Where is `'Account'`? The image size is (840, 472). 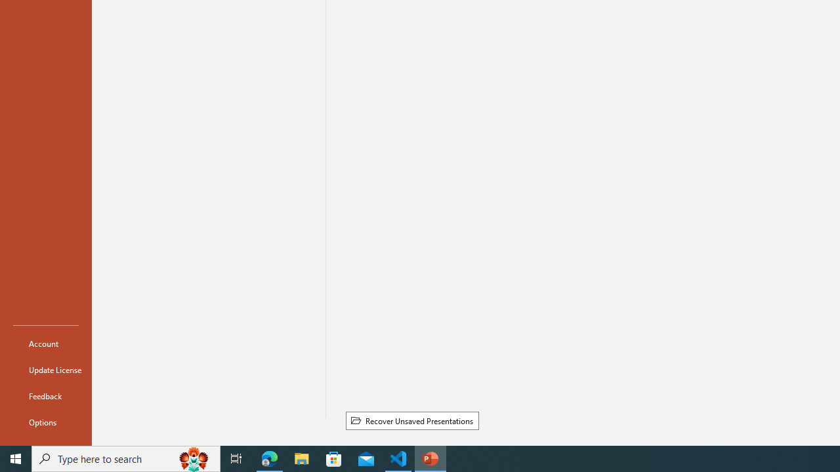
'Account' is located at coordinates (45, 343).